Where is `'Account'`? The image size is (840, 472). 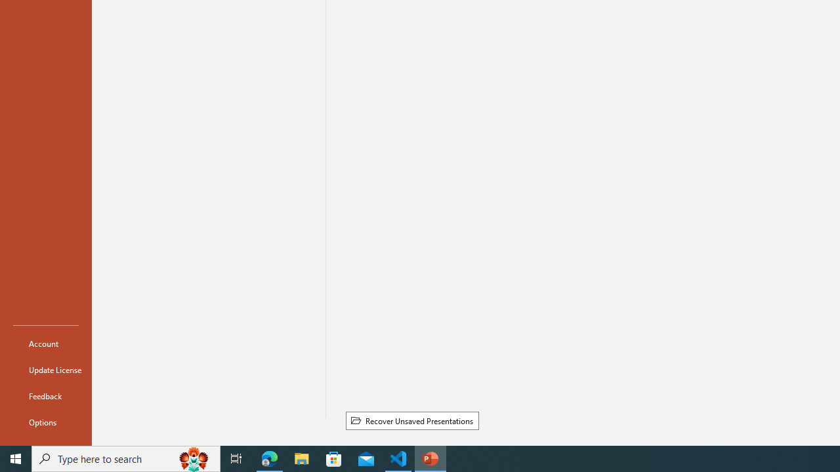
'Account' is located at coordinates (45, 343).